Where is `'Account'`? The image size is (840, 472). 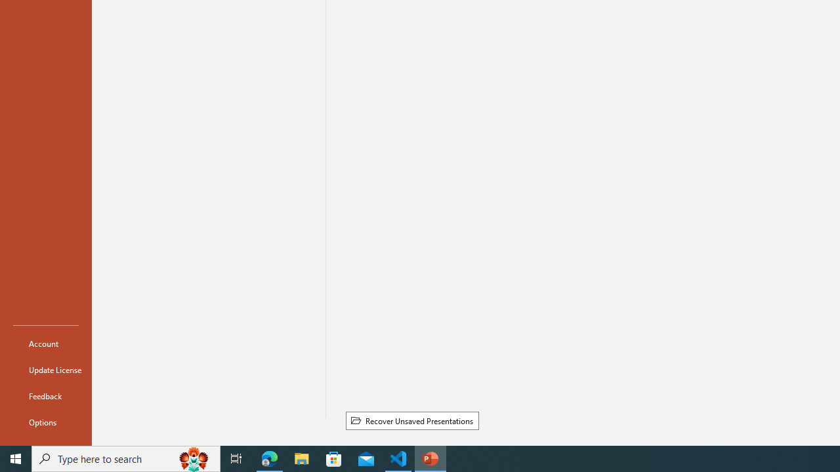
'Account' is located at coordinates (45, 343).